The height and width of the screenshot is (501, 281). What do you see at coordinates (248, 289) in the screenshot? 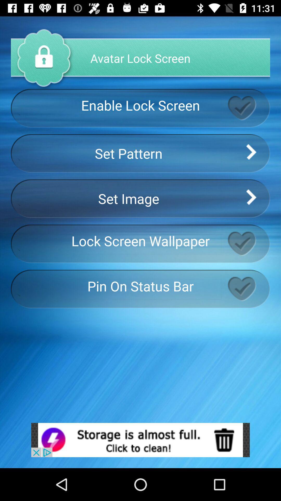
I see `this item` at bounding box center [248, 289].